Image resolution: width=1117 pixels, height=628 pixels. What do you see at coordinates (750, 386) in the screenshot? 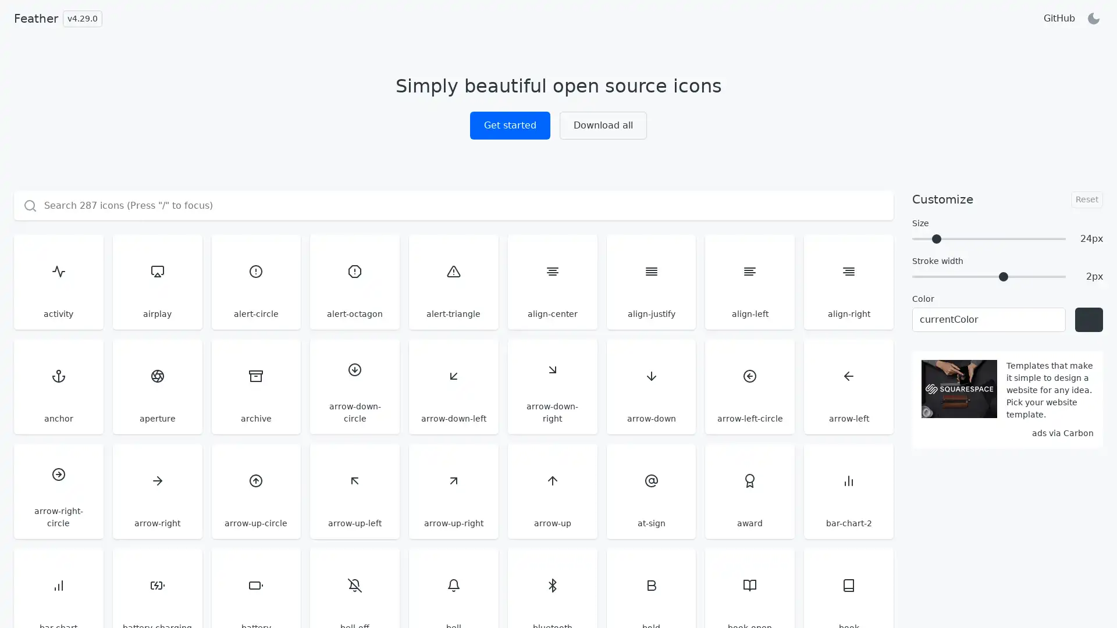
I see `arrow-left-circle` at bounding box center [750, 386].